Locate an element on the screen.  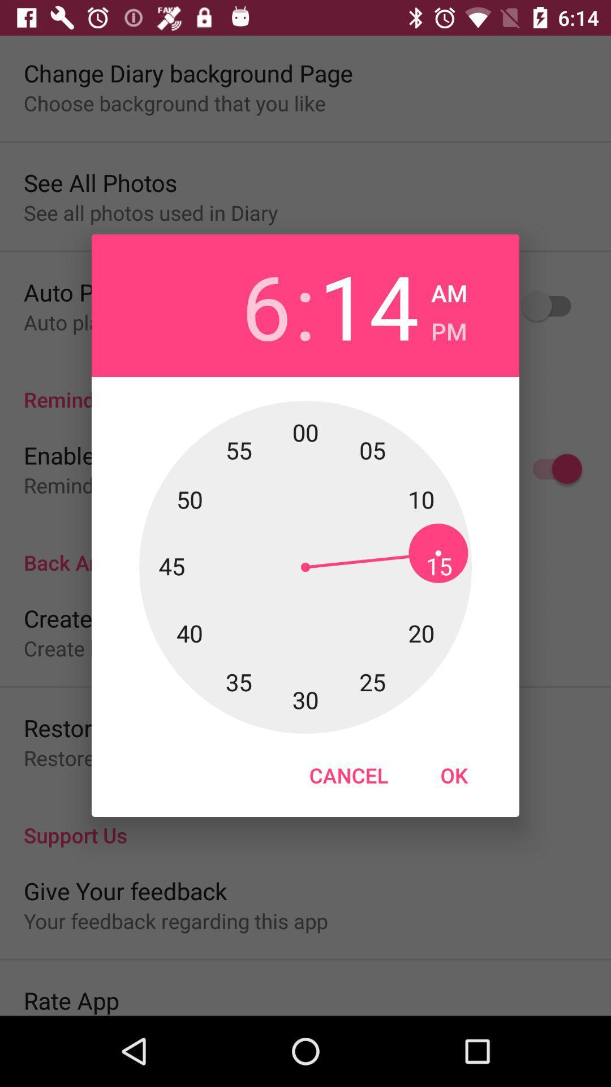
icon next to the 14 icon is located at coordinates (449, 290).